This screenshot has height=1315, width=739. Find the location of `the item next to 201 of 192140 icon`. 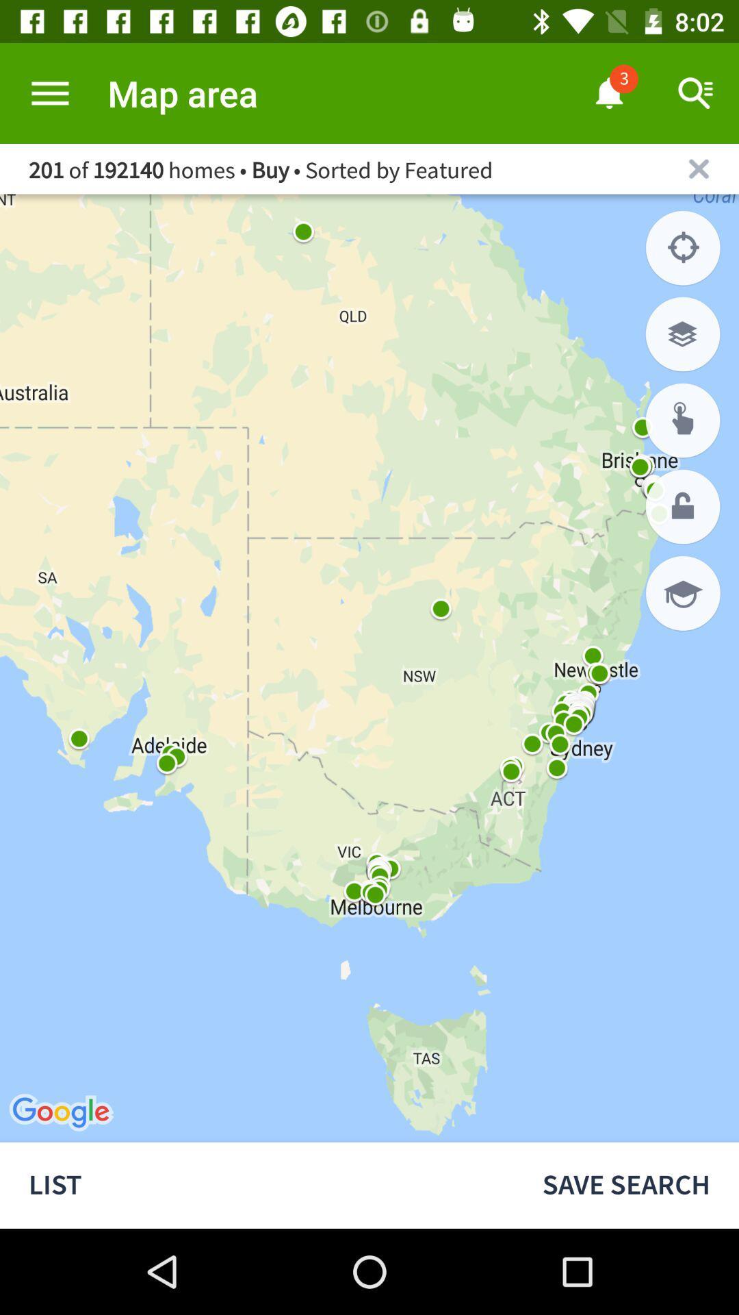

the item next to 201 of 192140 icon is located at coordinates (699, 168).